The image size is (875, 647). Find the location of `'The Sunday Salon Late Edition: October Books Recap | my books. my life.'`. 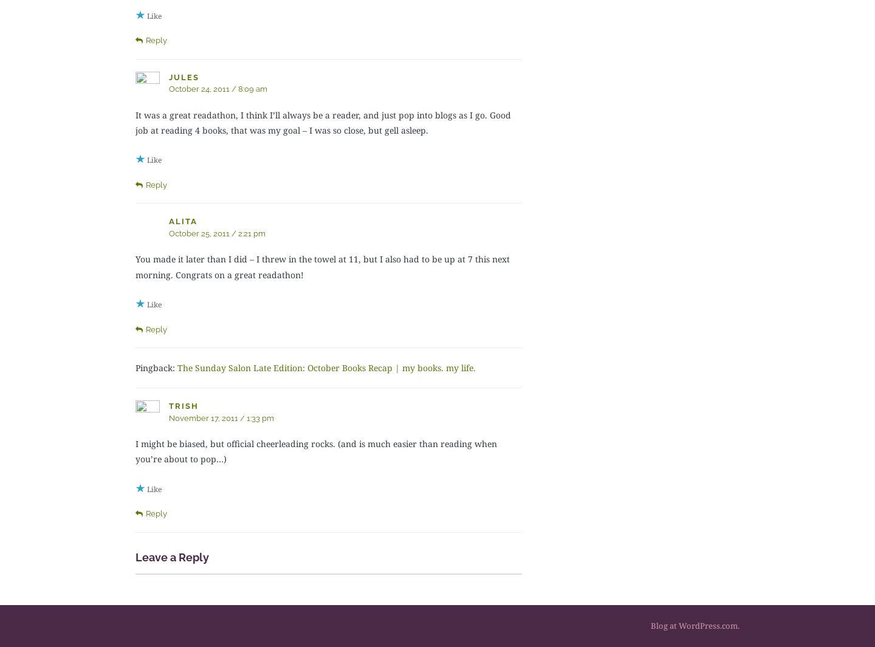

'The Sunday Salon Late Edition: October Books Recap | my books. my life.' is located at coordinates (326, 368).